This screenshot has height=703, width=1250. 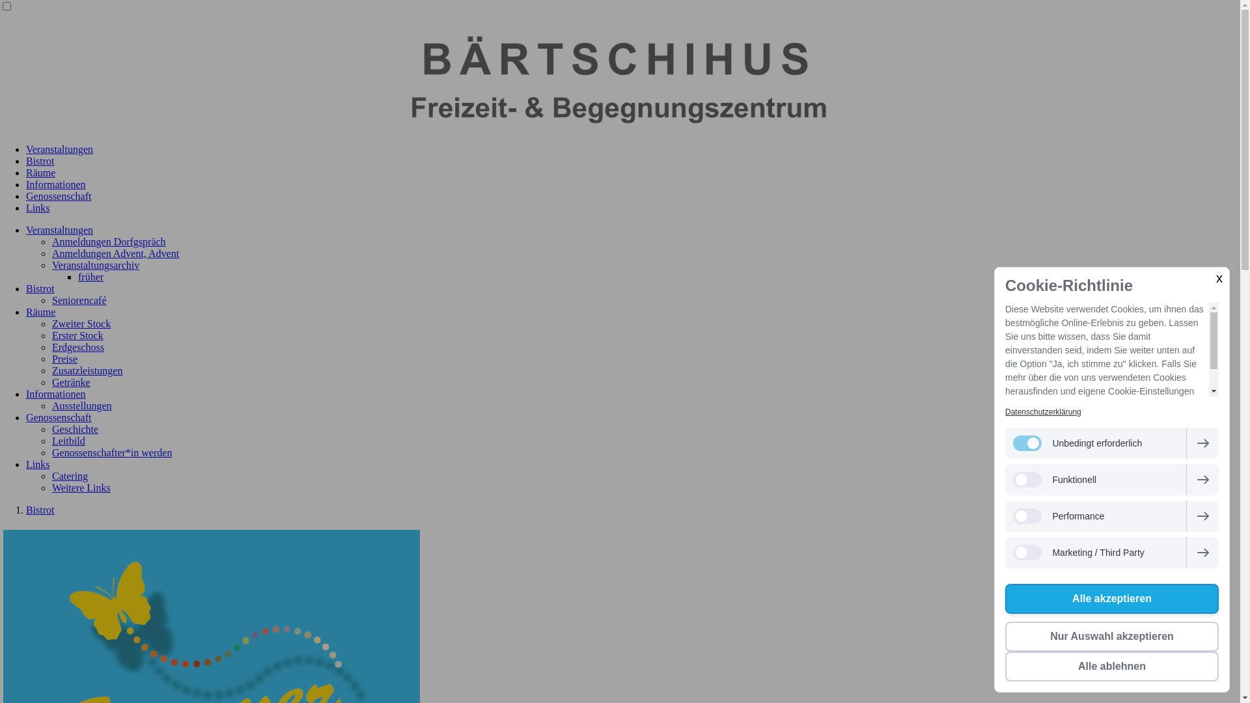 What do you see at coordinates (37, 207) in the screenshot?
I see `'Links'` at bounding box center [37, 207].